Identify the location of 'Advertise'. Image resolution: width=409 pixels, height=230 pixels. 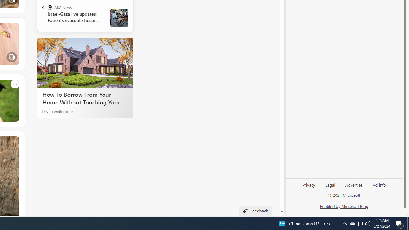
(353, 184).